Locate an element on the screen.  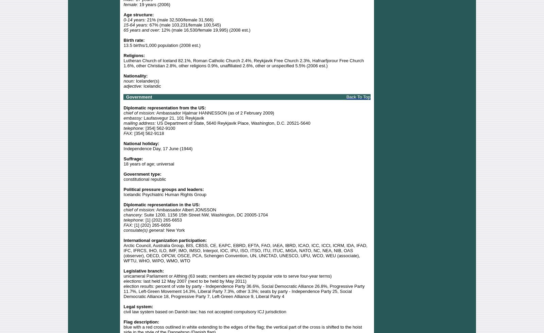
'percent of vote by party - Independence Party 36.6%, Social Democratic Alliance 26.8%, Progressive Party 11.7%, Left-Green Movement 14.3%, Liberal Party 7.3%, other 3.3%; seats by party - Independence Party 25, Social Democratic Alliance 18, Progressive Party 7, Left-Green Alliance 9, Liberal Party 4' is located at coordinates (244, 291).